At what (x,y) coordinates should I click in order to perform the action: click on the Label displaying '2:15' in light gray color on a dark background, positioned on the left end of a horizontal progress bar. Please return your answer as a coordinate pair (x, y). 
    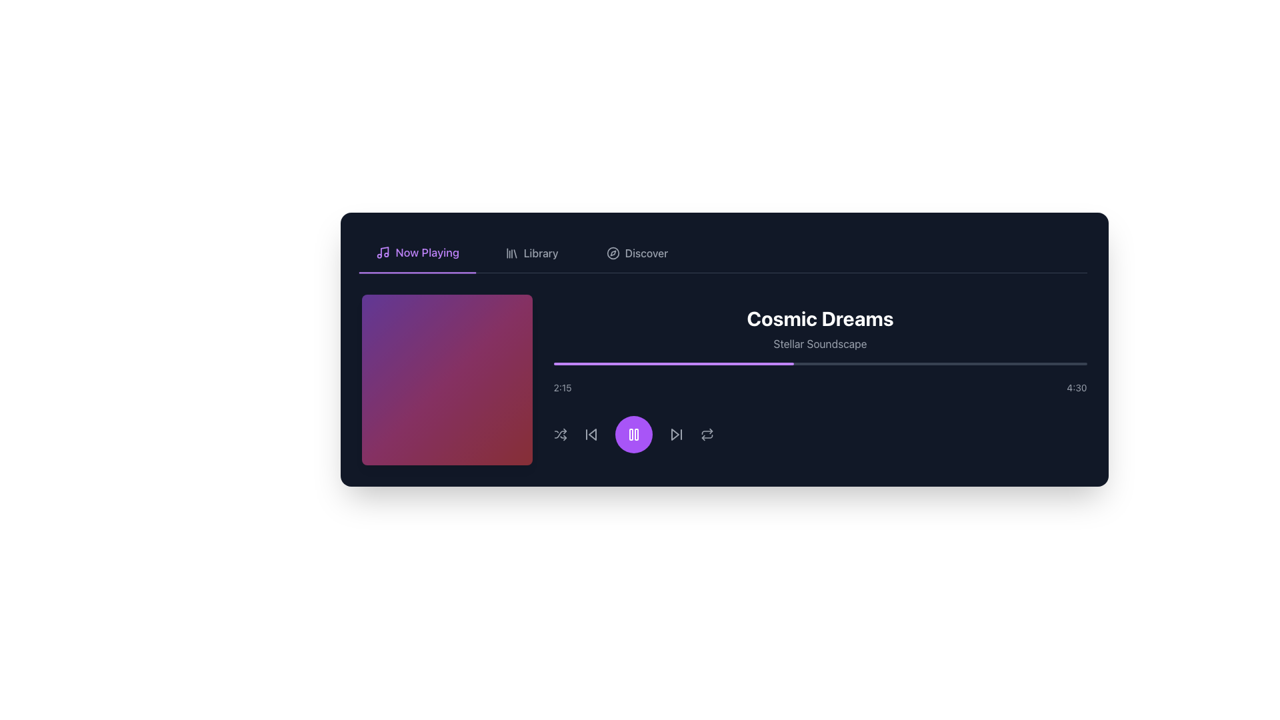
    Looking at the image, I should click on (563, 388).